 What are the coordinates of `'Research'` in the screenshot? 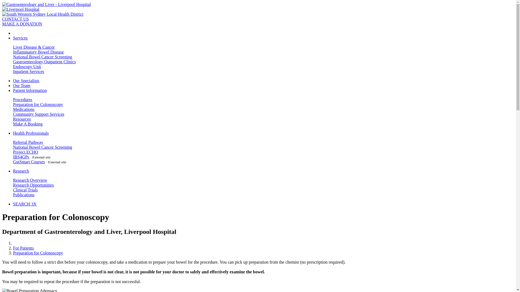 It's located at (21, 171).